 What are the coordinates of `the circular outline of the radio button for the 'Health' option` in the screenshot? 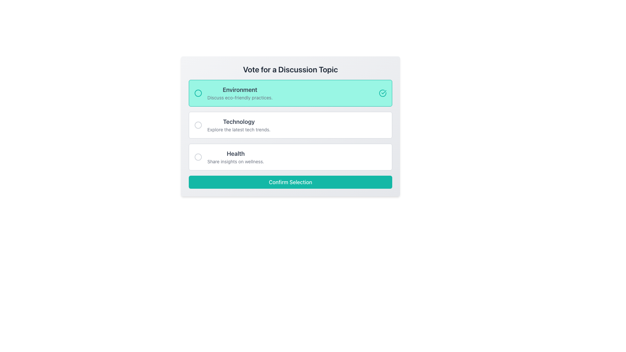 It's located at (198, 157).